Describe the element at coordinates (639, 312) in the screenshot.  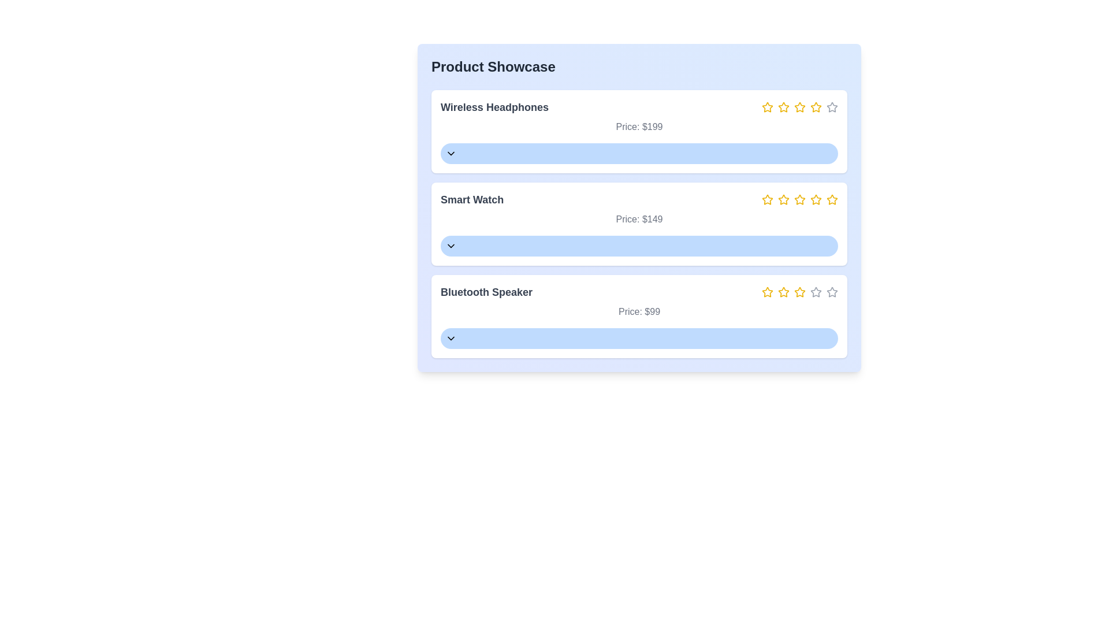
I see `the text label displaying 'Price: $99', which is styled in gray and positioned below the product name 'Bluetooth Speaker'` at that location.